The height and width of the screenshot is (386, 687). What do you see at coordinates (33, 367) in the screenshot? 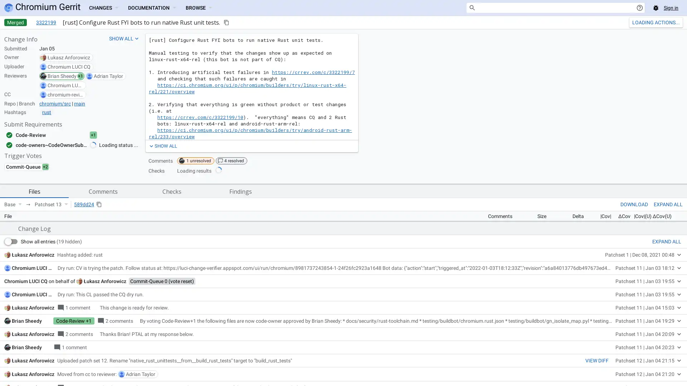
I see `Chromium LUCI CQ` at bounding box center [33, 367].